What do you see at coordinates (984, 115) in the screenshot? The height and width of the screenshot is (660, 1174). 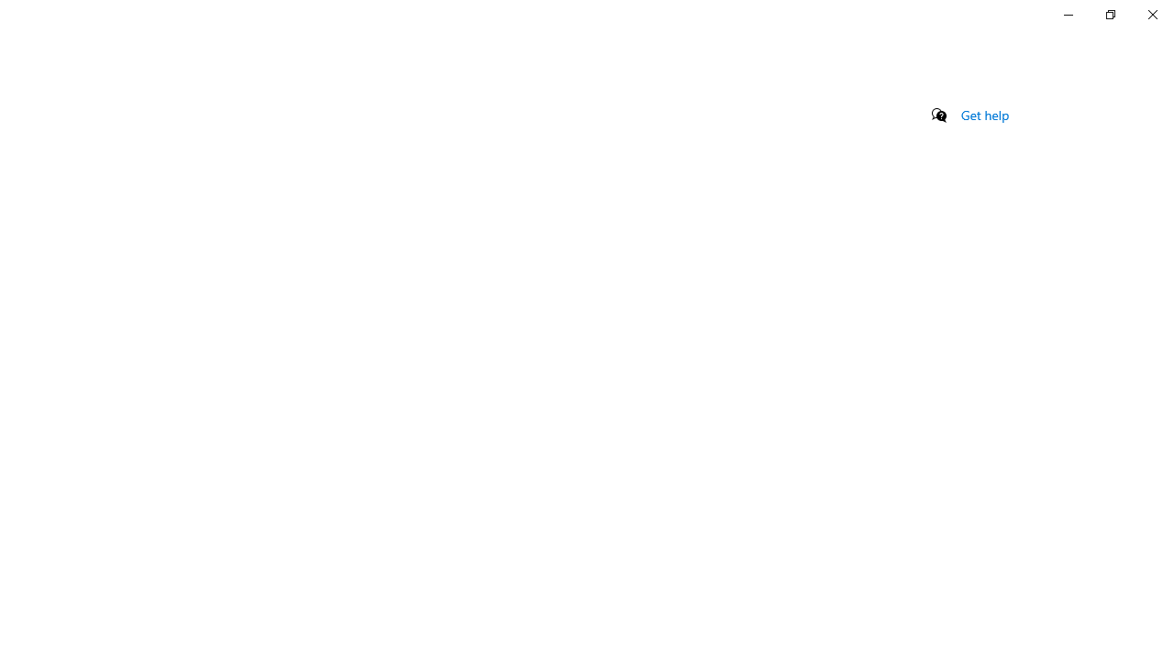 I see `'Get help'` at bounding box center [984, 115].